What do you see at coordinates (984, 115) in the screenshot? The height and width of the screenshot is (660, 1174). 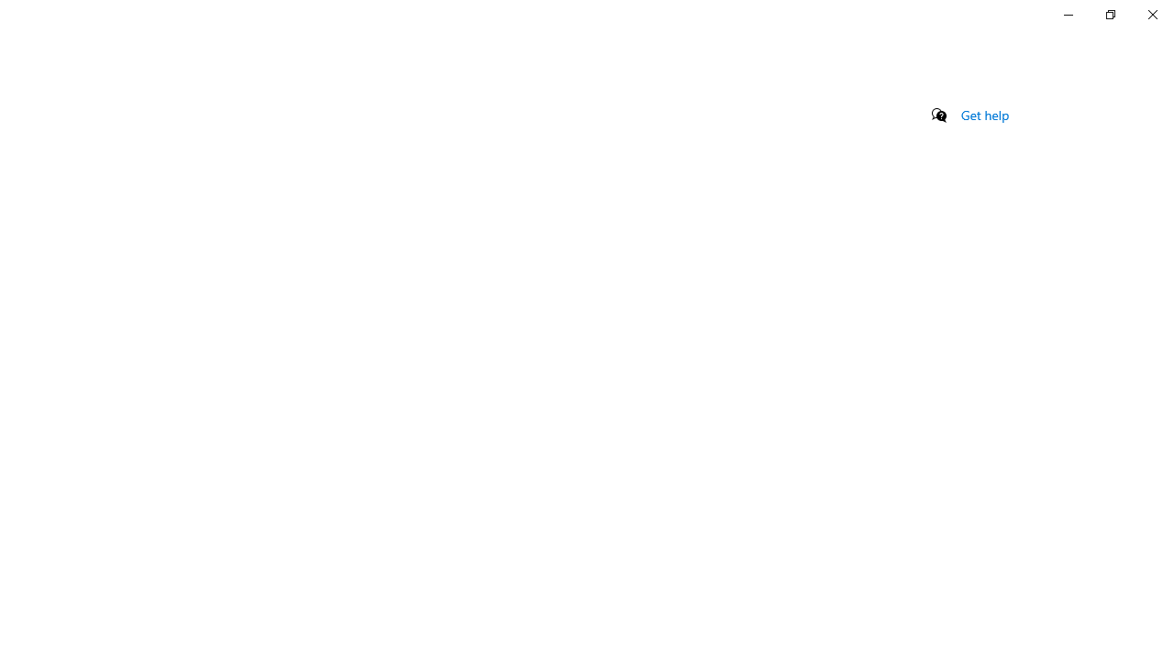 I see `'Get help'` at bounding box center [984, 115].